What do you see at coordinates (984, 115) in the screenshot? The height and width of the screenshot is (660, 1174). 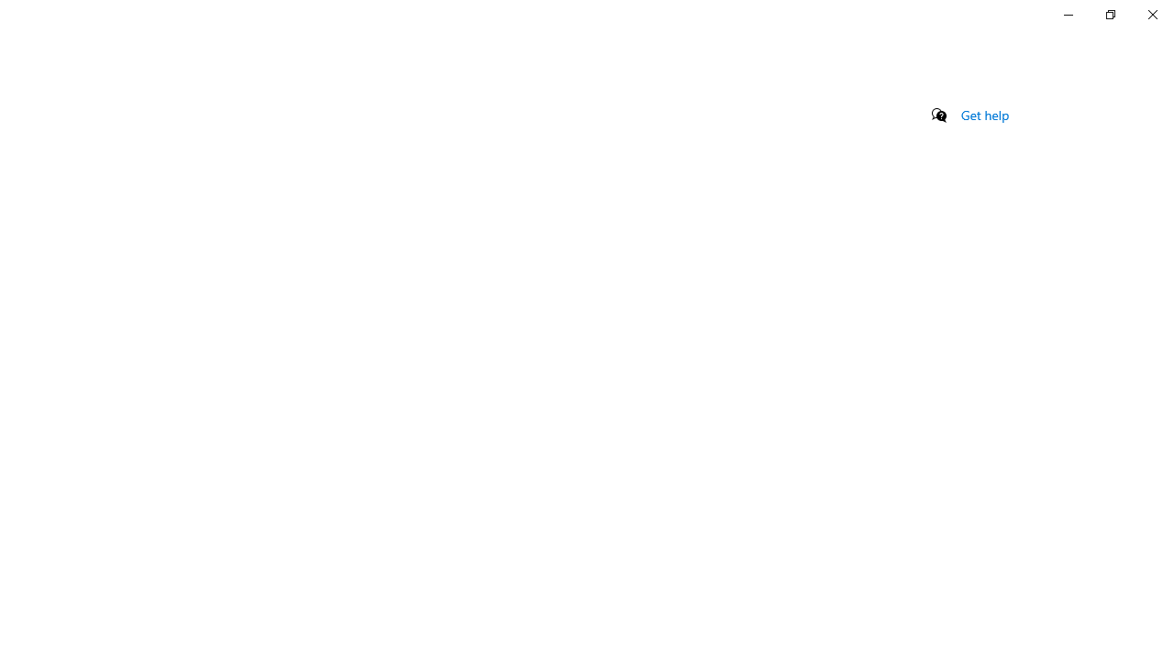 I see `'Get help'` at bounding box center [984, 115].